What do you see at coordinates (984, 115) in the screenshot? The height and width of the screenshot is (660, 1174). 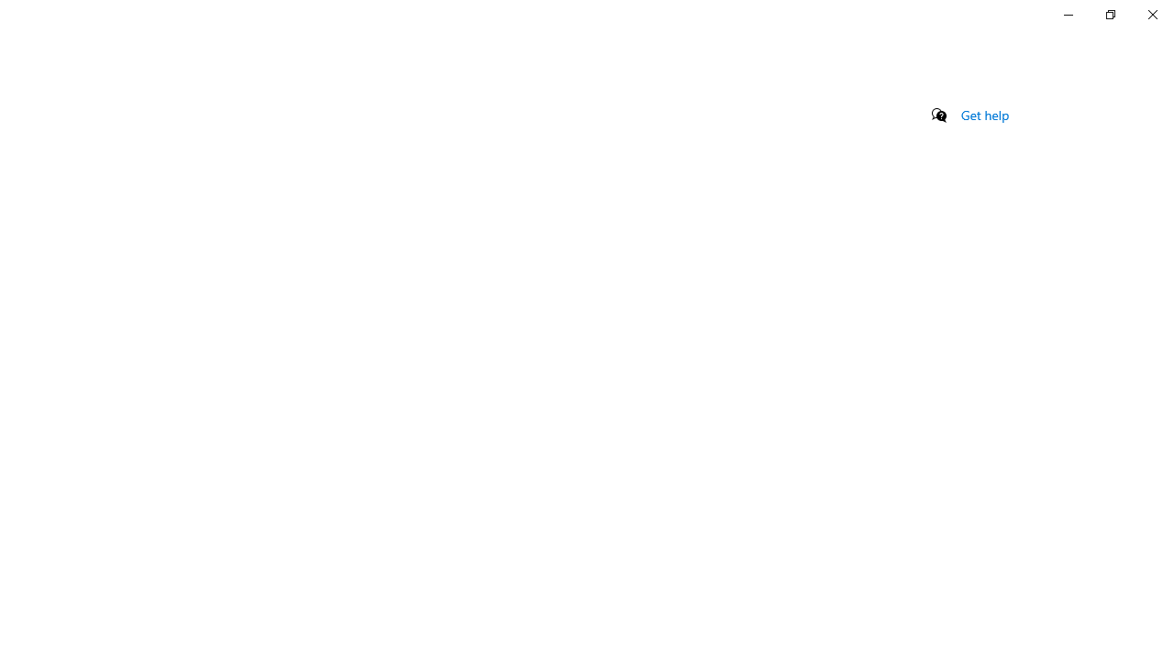 I see `'Get help'` at bounding box center [984, 115].